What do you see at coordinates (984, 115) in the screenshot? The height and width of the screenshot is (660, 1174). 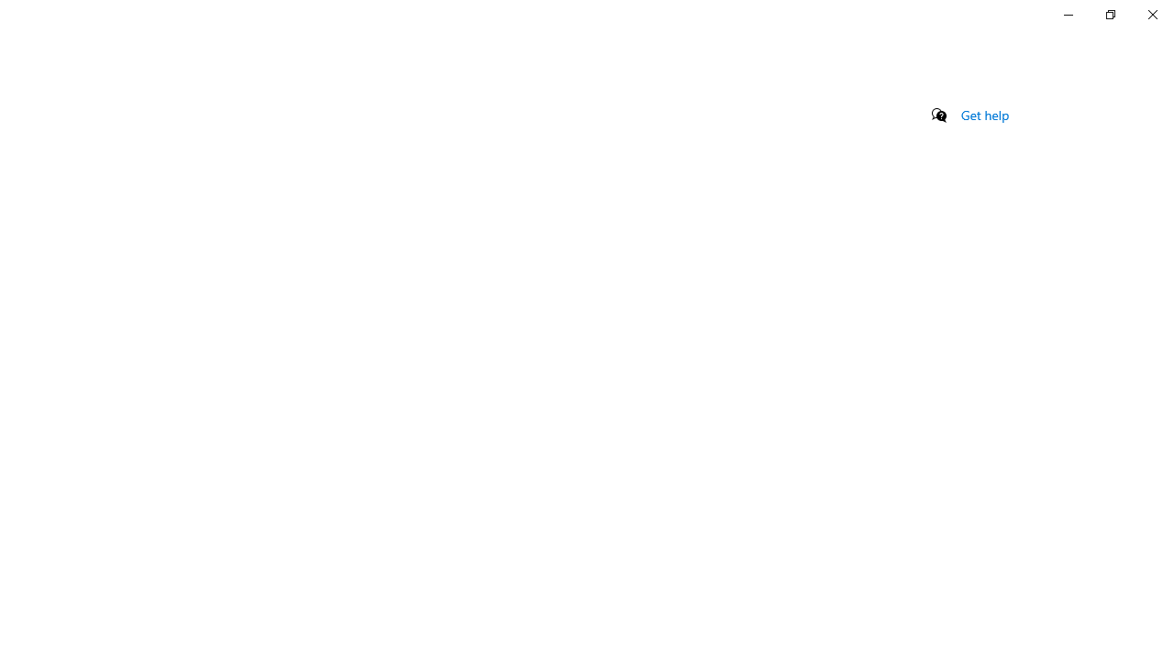 I see `'Get help'` at bounding box center [984, 115].